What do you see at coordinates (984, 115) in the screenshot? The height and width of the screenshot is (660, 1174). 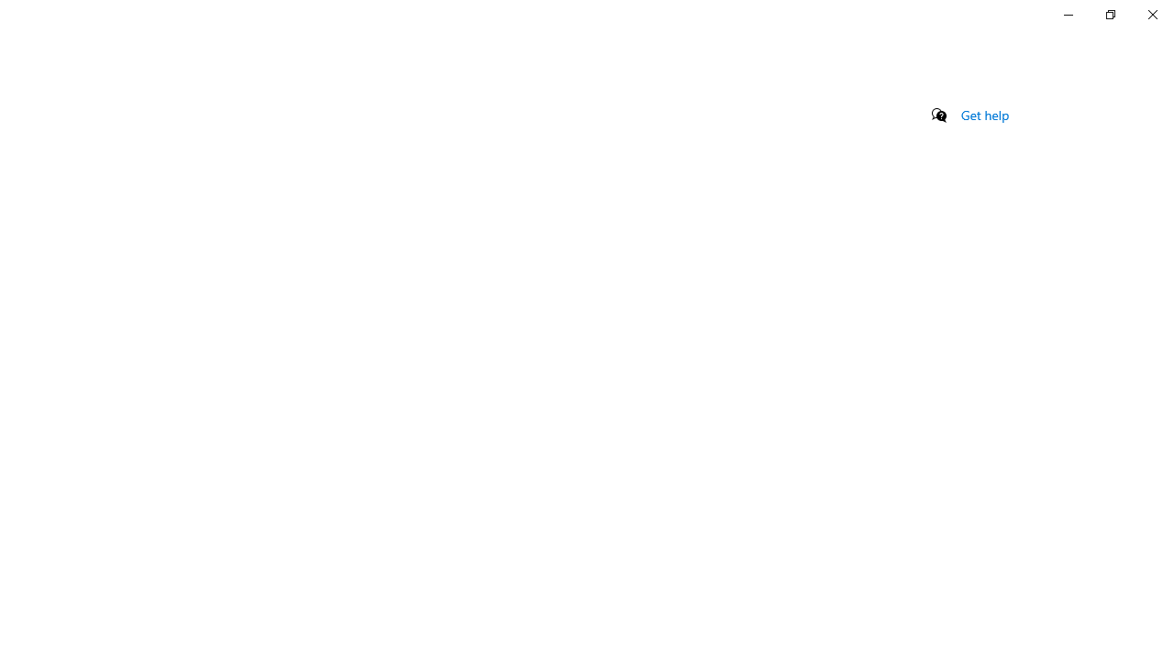 I see `'Get help'` at bounding box center [984, 115].